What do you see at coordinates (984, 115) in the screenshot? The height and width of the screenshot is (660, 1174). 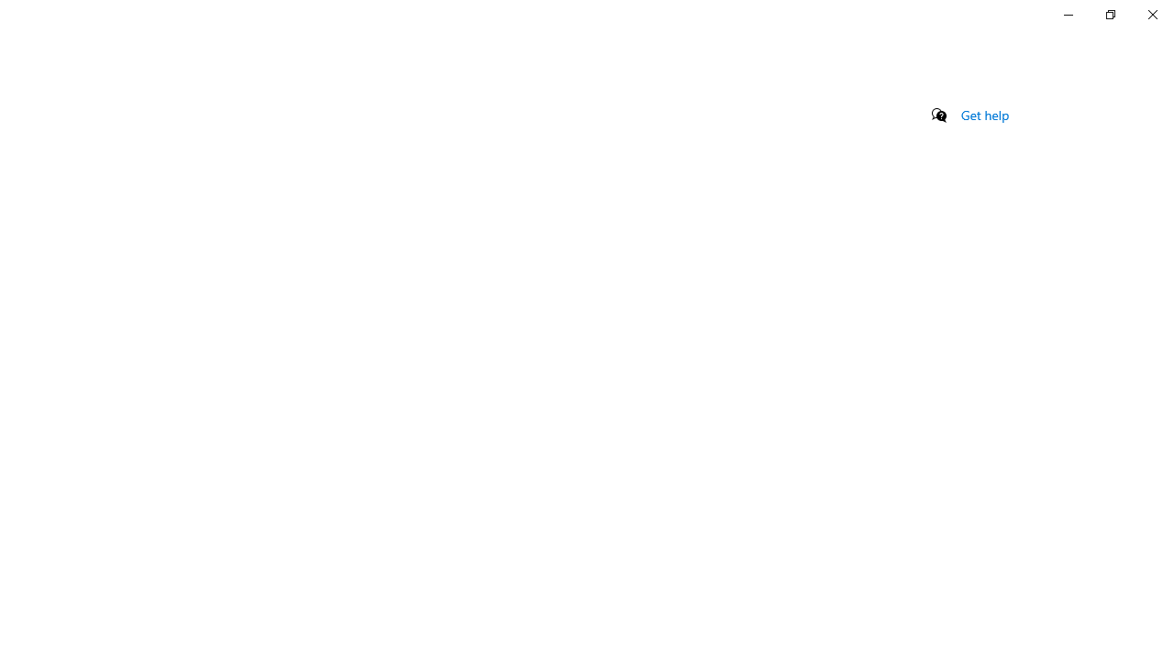 I see `'Get help'` at bounding box center [984, 115].